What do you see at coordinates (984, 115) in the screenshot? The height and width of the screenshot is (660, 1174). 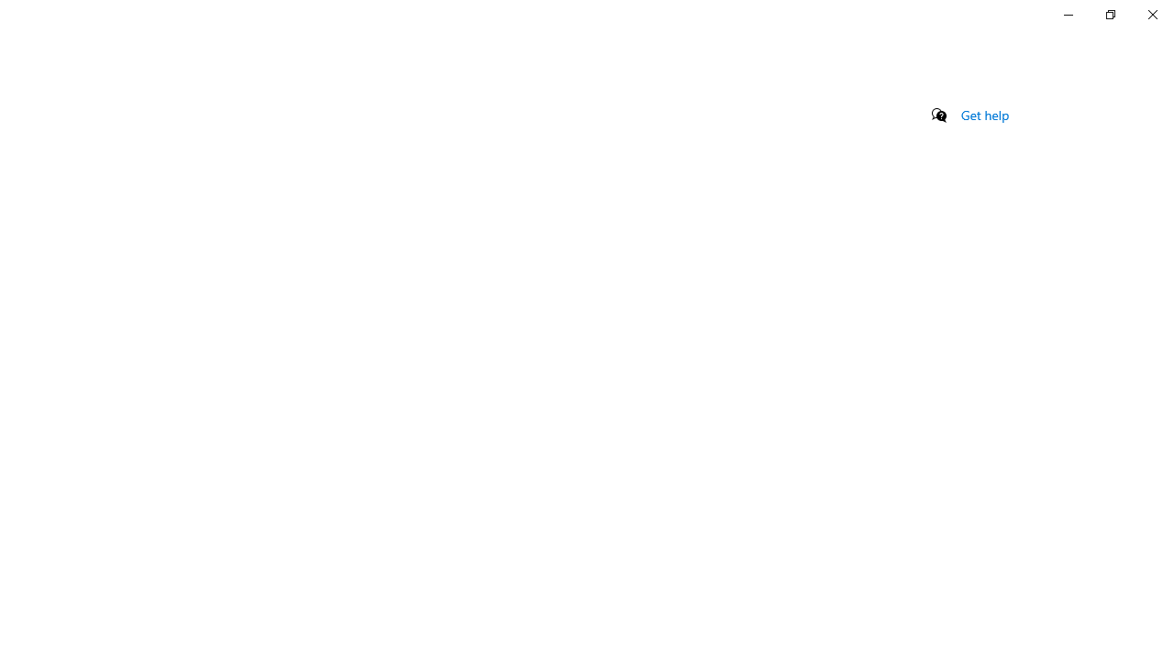 I see `'Get help'` at bounding box center [984, 115].